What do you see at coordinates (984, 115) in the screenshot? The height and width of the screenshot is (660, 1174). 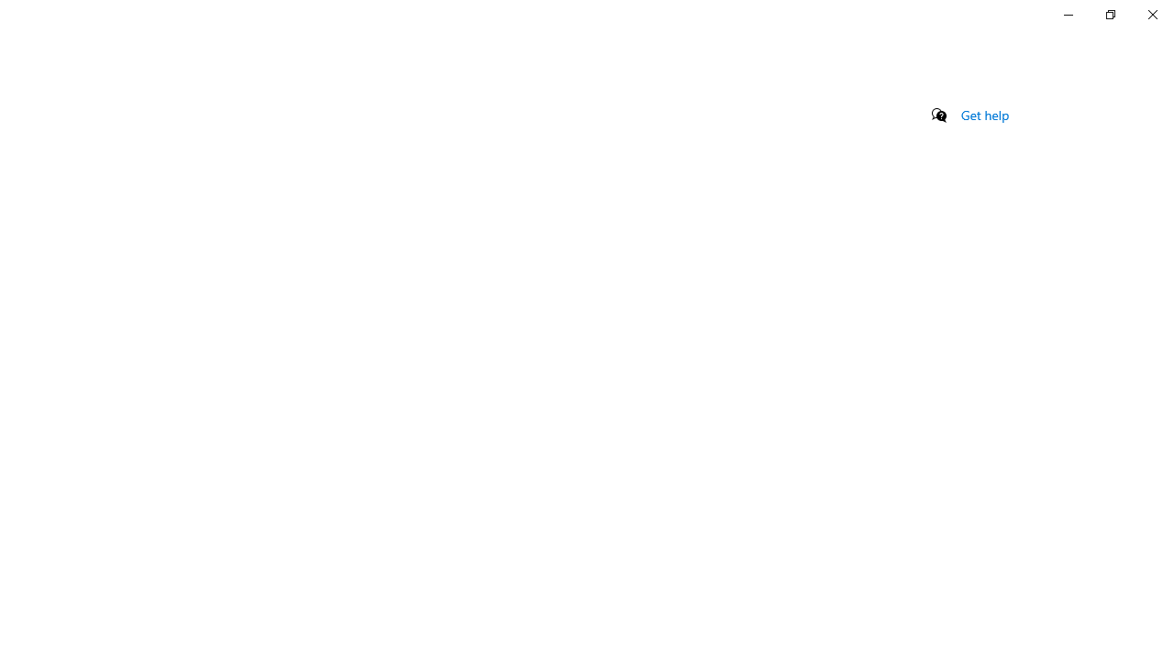 I see `'Get help'` at bounding box center [984, 115].